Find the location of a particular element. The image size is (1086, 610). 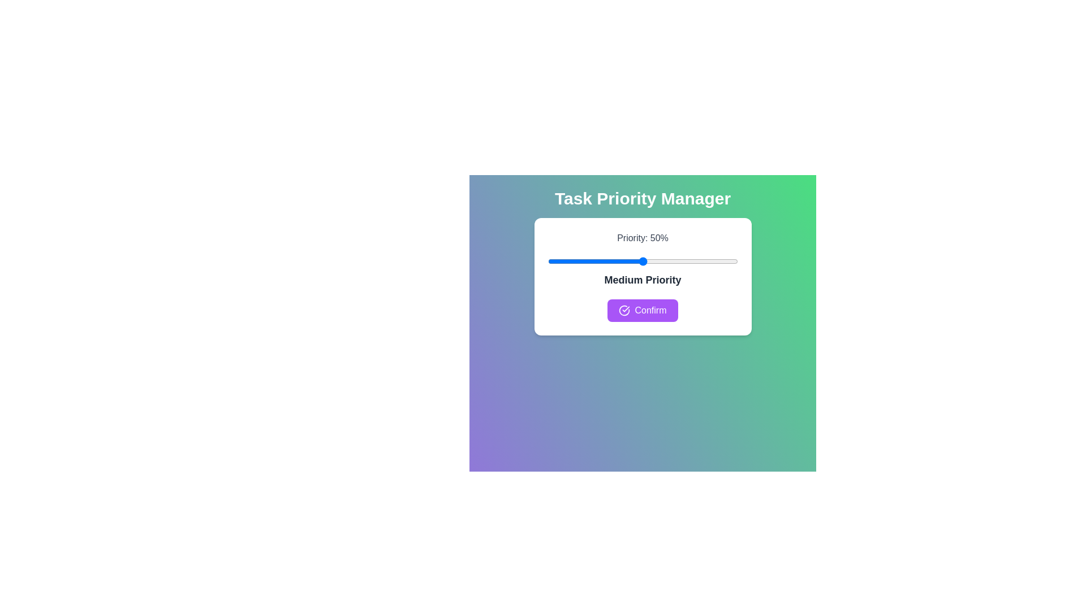

Confirm button to save the selected priority is located at coordinates (643, 311).